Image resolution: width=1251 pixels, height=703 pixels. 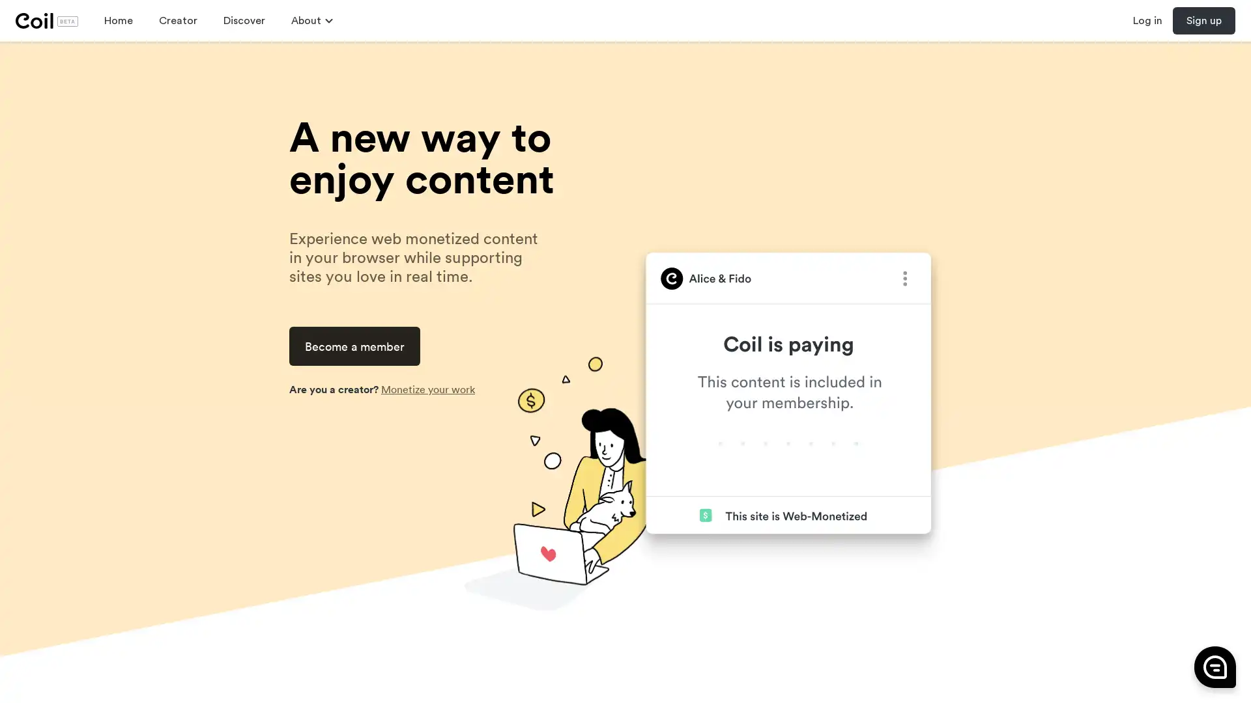 I want to click on Discover, so click(x=244, y=20).